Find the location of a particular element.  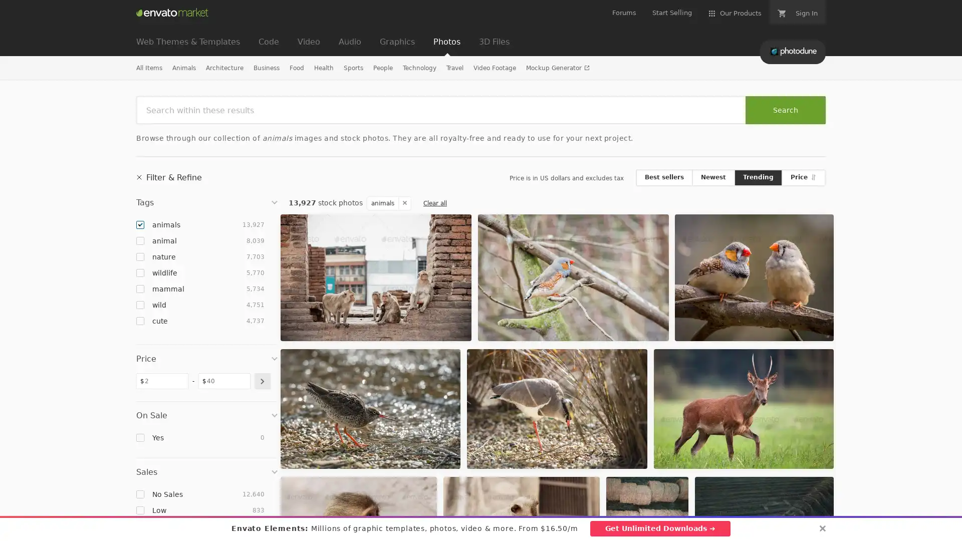

Add to Favorites is located at coordinates (820, 488).